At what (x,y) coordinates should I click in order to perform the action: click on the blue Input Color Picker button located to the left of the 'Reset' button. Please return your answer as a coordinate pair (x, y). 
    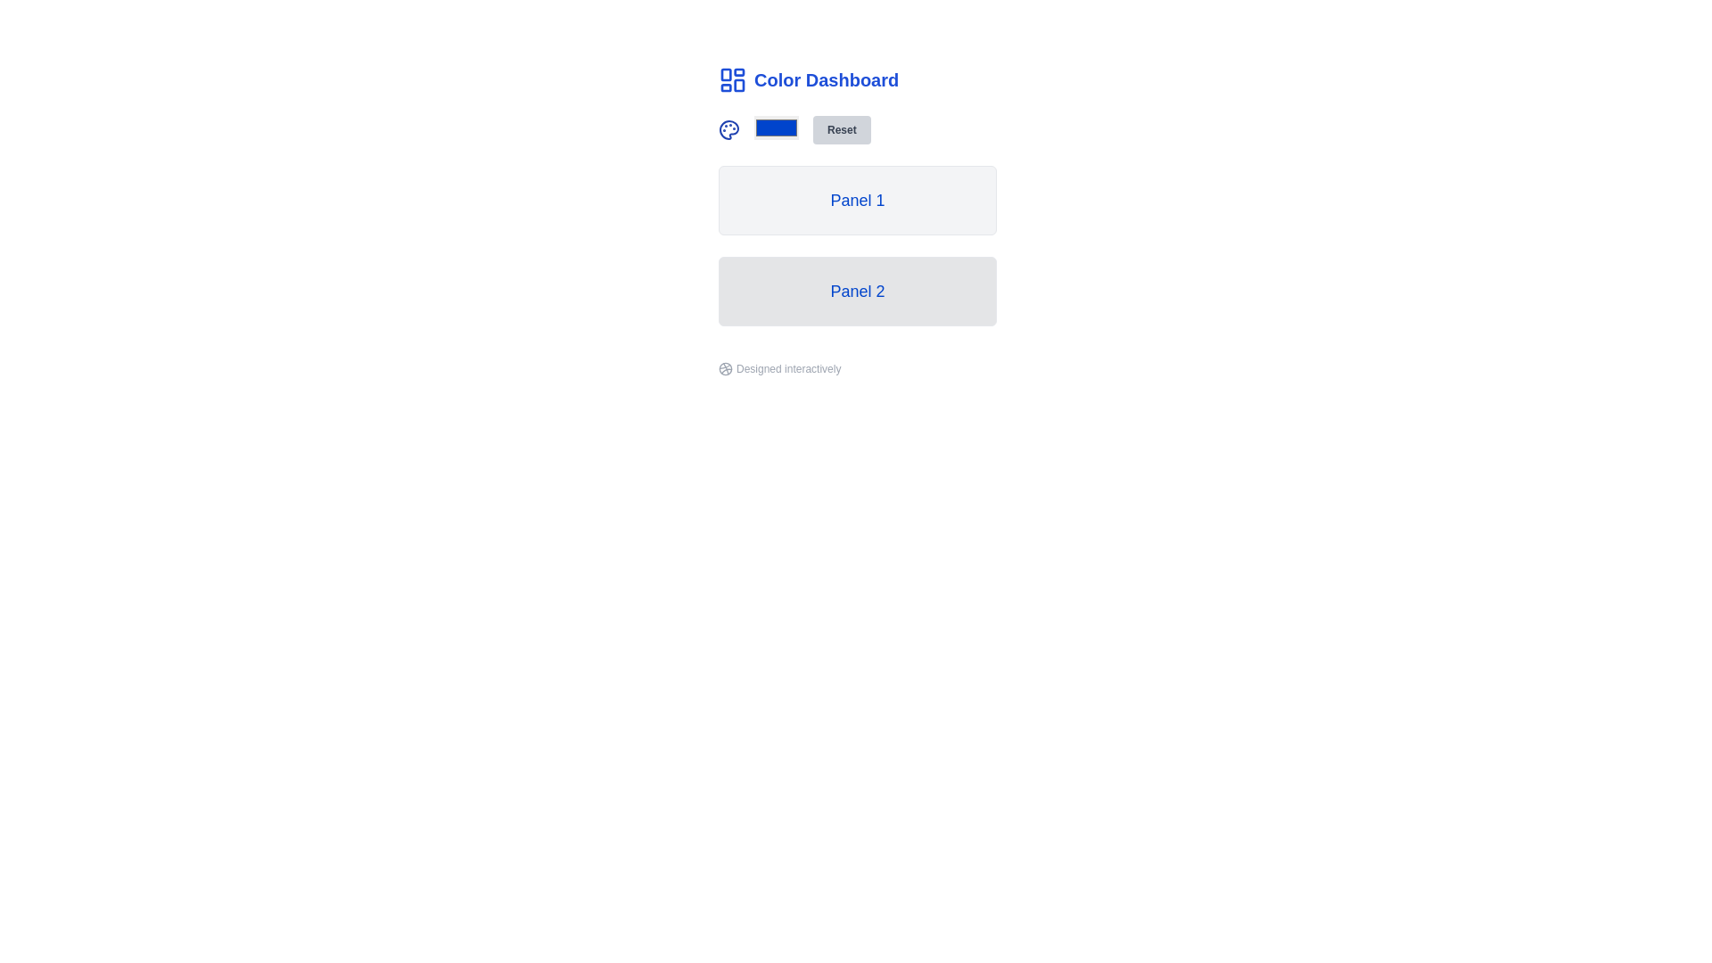
    Looking at the image, I should click on (776, 126).